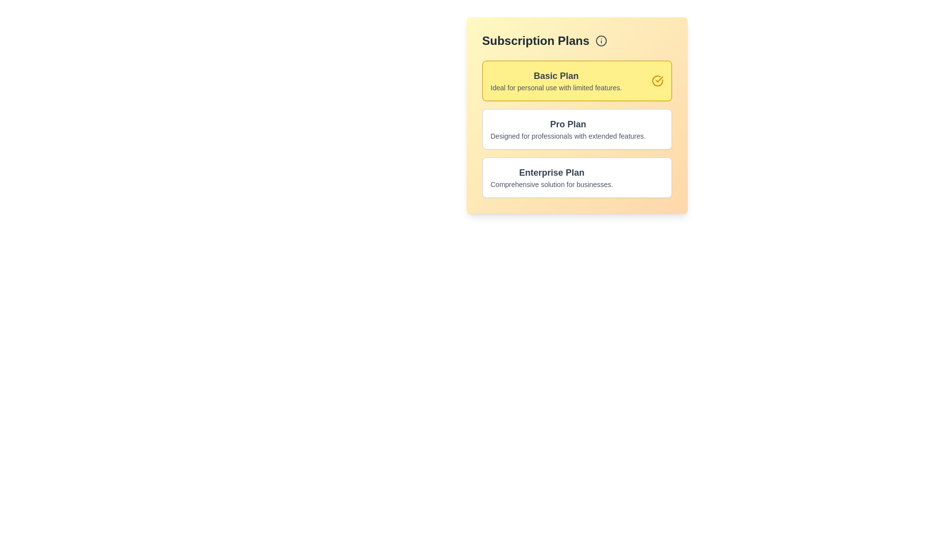 The width and height of the screenshot is (948, 533). Describe the element at coordinates (568, 129) in the screenshot. I see `text content of the 'Pro Plan' text block, which features bold dark text and a smaller gray description underneath, located in the subscription plan selection interface` at that location.